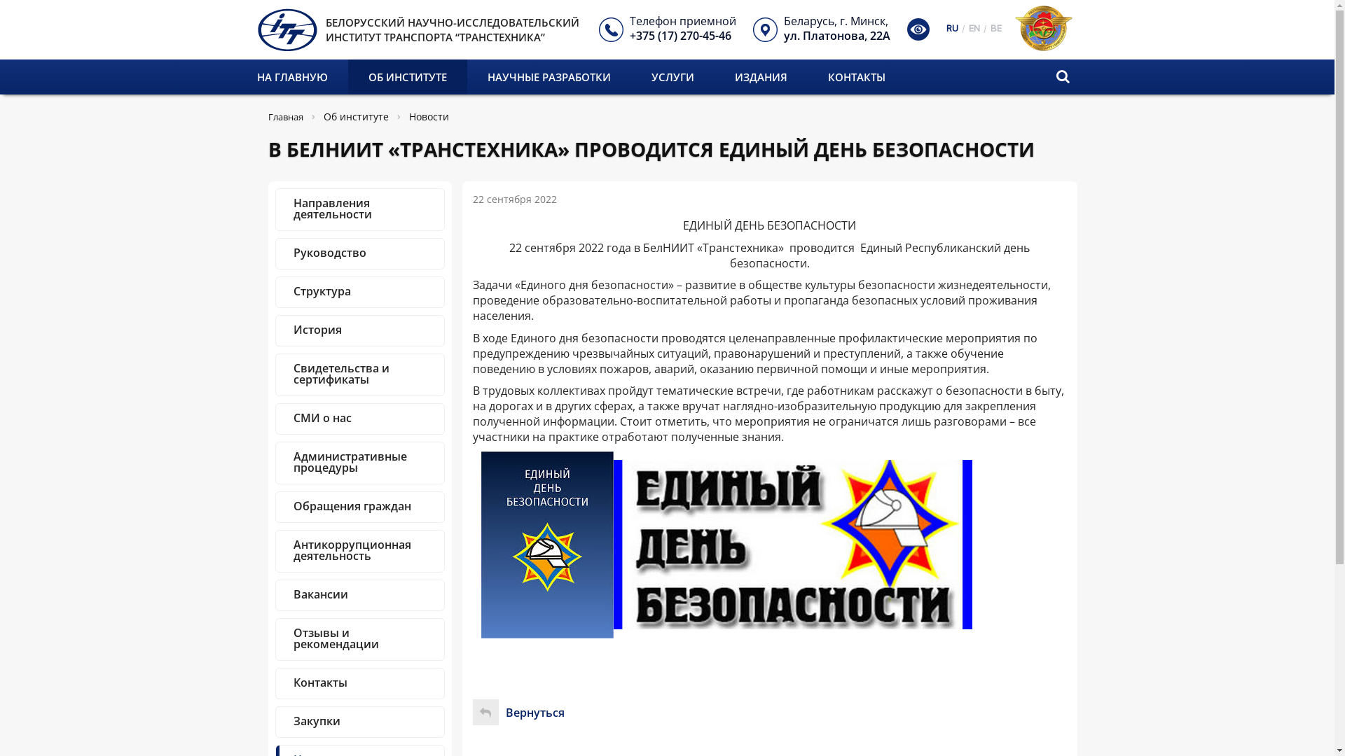  I want to click on 'RU', so click(952, 26).